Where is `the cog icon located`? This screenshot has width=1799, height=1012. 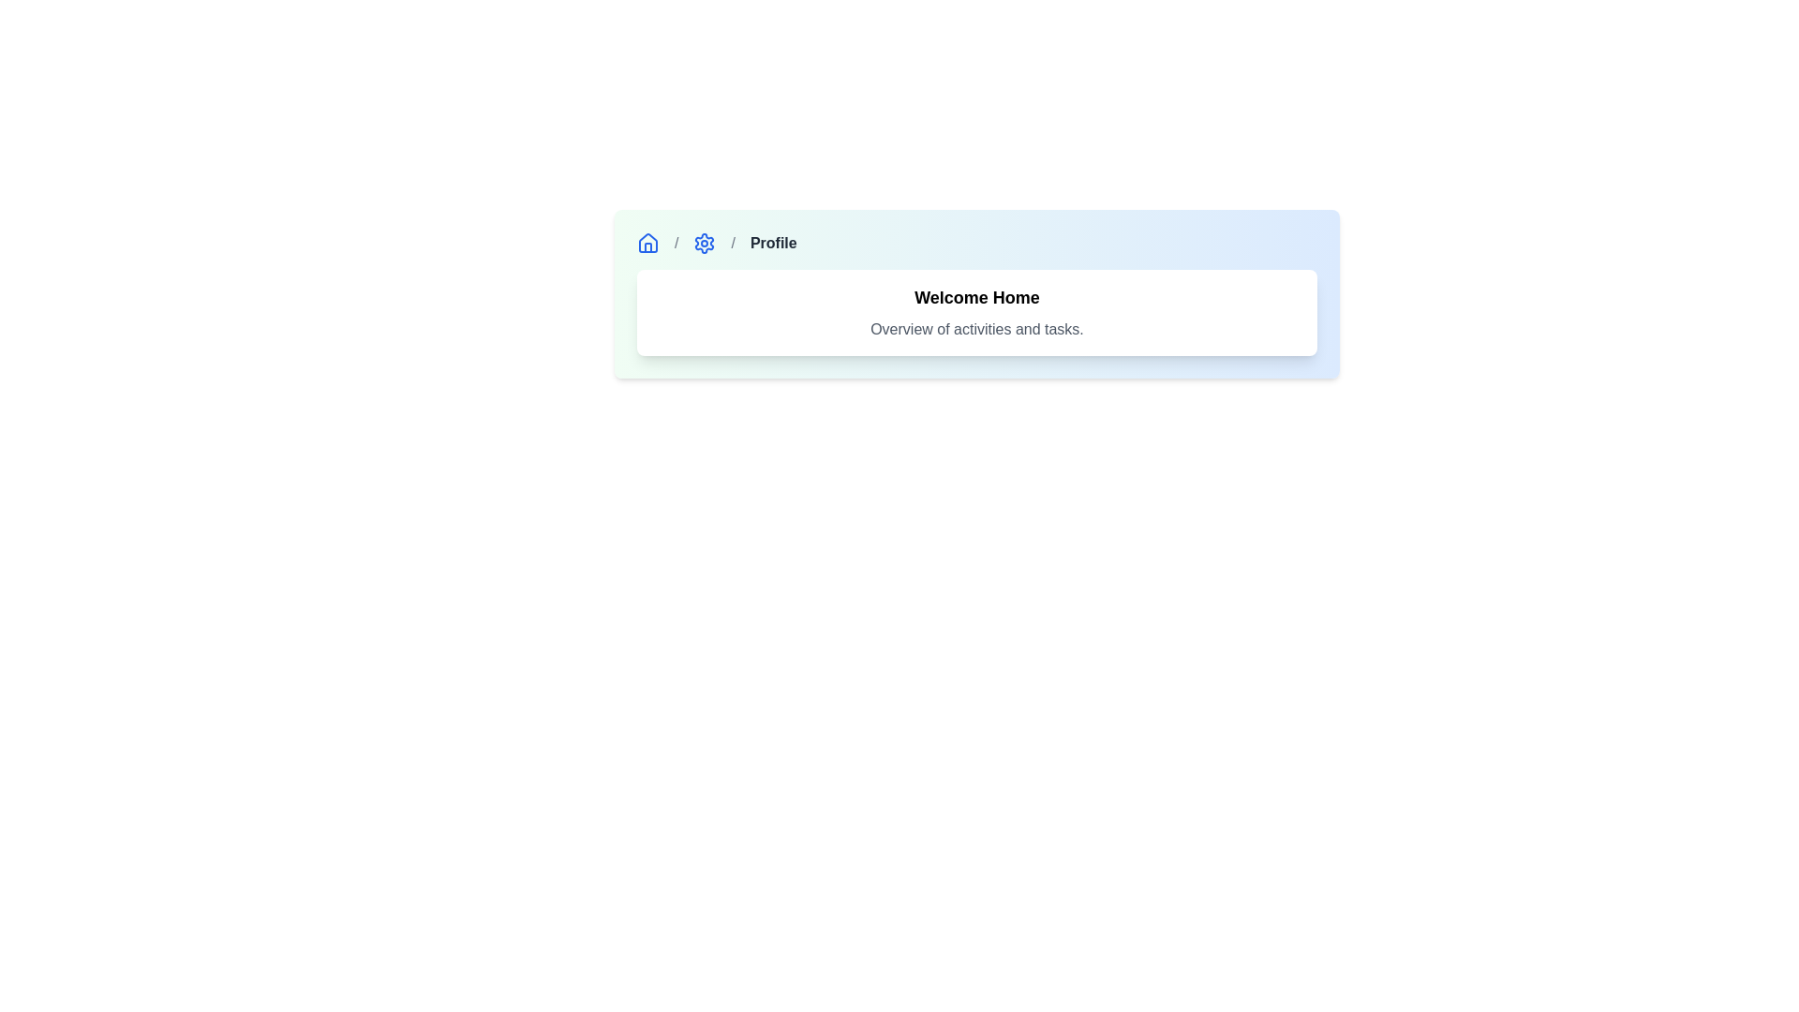
the cog icon located is located at coordinates (704, 242).